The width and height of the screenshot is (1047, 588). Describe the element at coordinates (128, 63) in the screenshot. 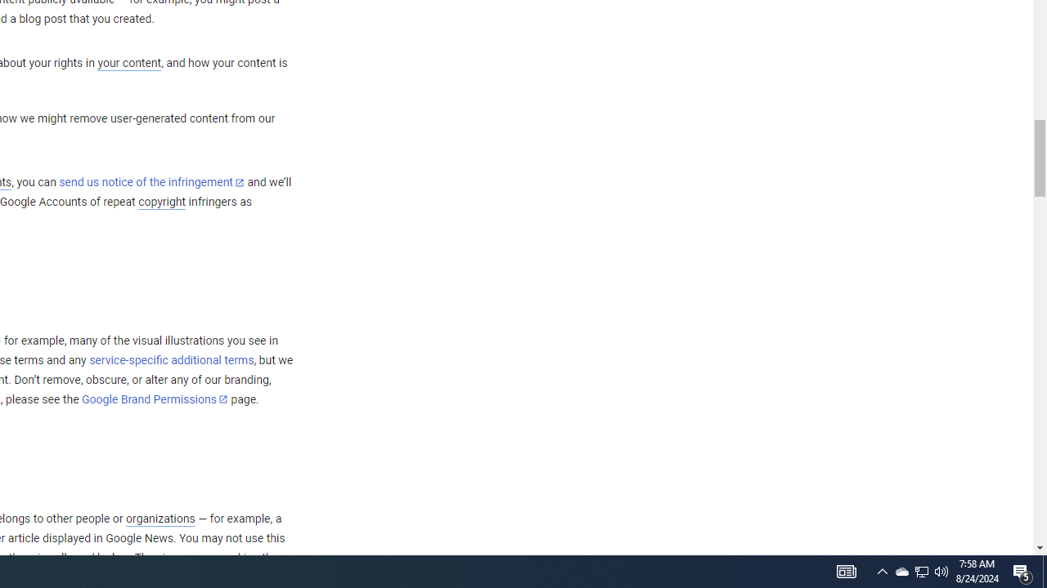

I see `'your content'` at that location.